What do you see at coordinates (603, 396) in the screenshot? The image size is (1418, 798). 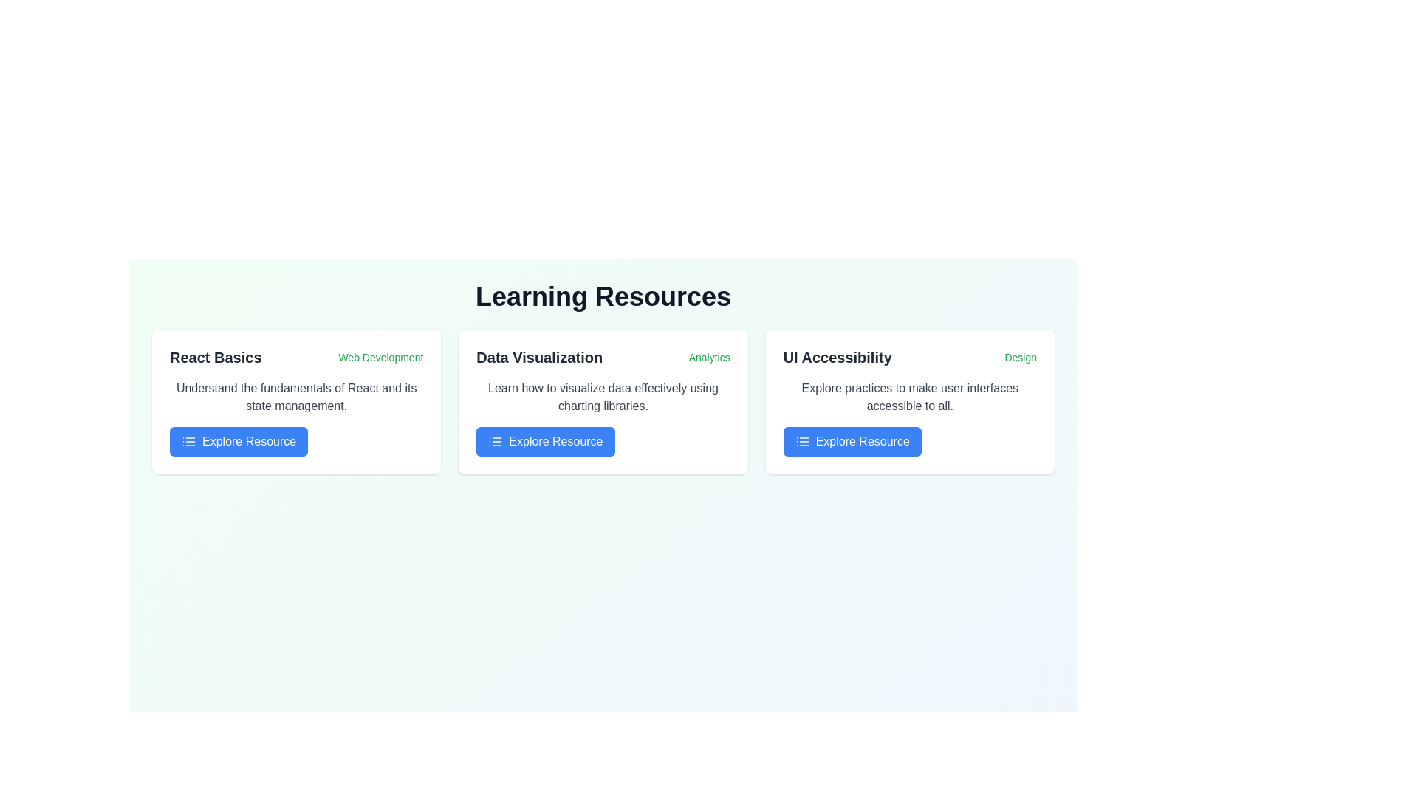 I see `additional information text located within the 'Data Visualization' card, positioned under the heading and category labels, and above the 'Explore Resource' button` at bounding box center [603, 396].